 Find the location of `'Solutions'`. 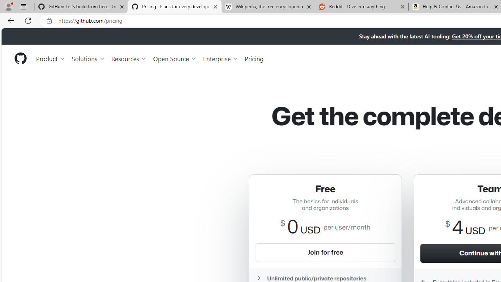

'Solutions' is located at coordinates (88, 58).